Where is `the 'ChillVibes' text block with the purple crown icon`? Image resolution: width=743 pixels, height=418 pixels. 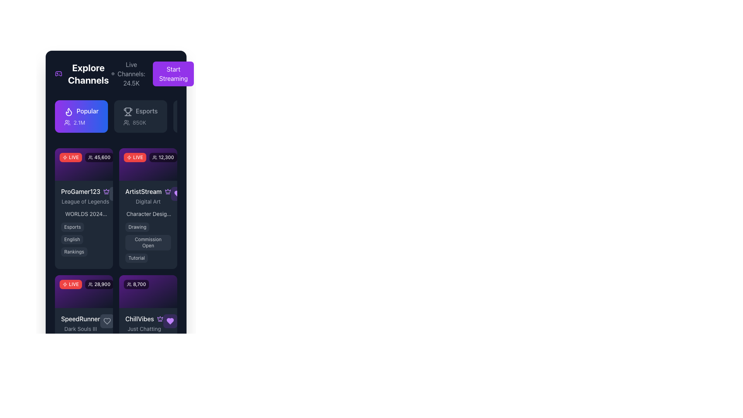
the 'ChillVibes' text block with the purple crown icon is located at coordinates (144, 323).